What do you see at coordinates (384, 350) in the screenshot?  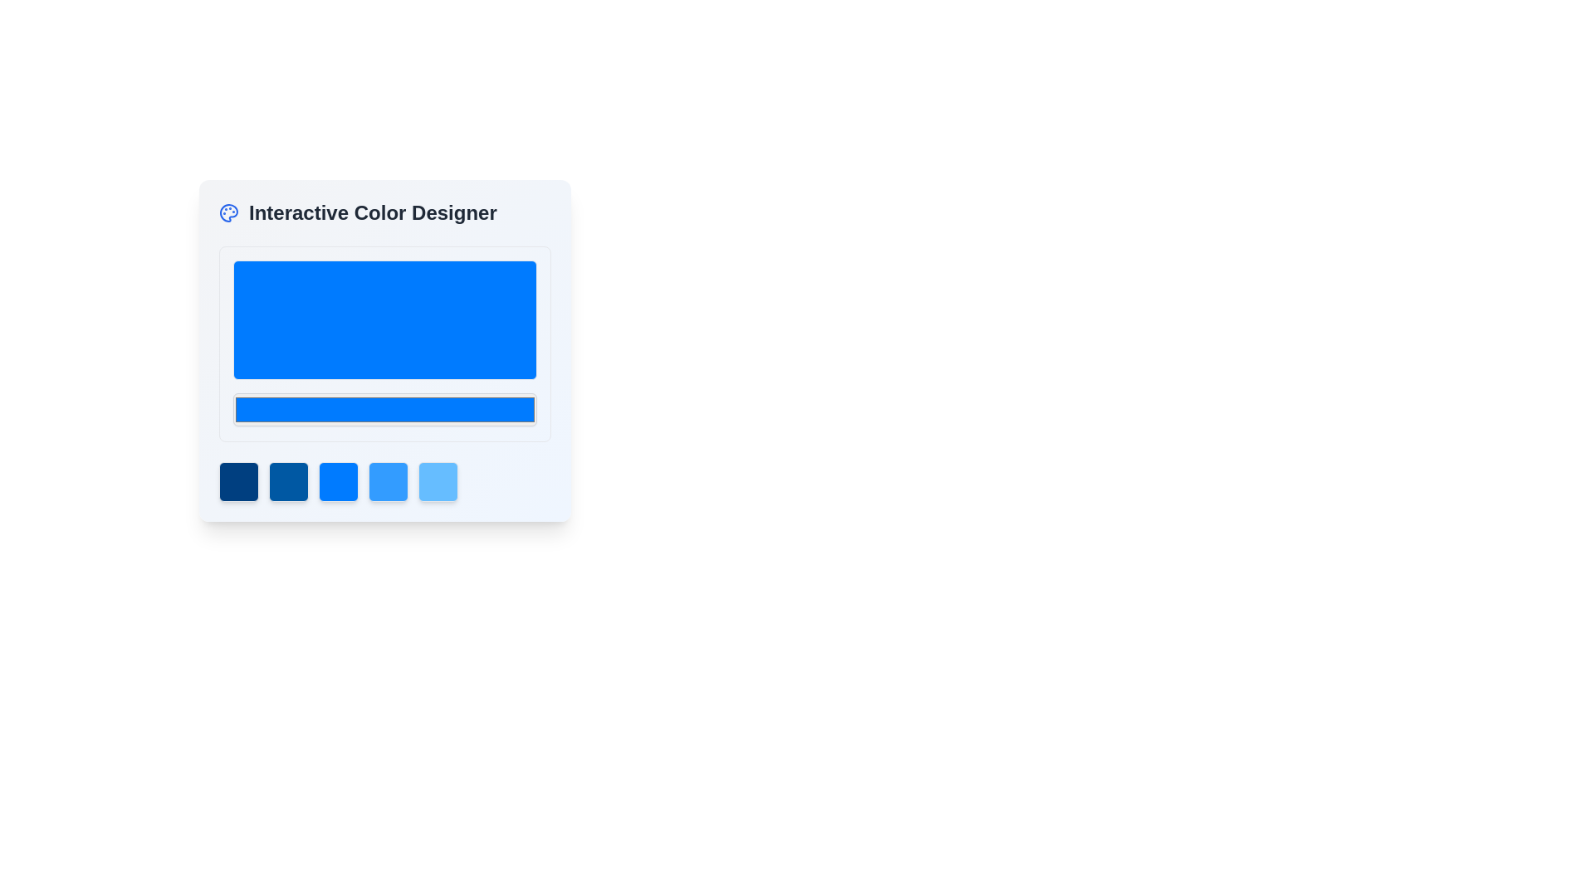 I see `the Interactive Color Designer feature card, which is centrally positioned within the UI layout, allowing users to select and preview colors` at bounding box center [384, 350].